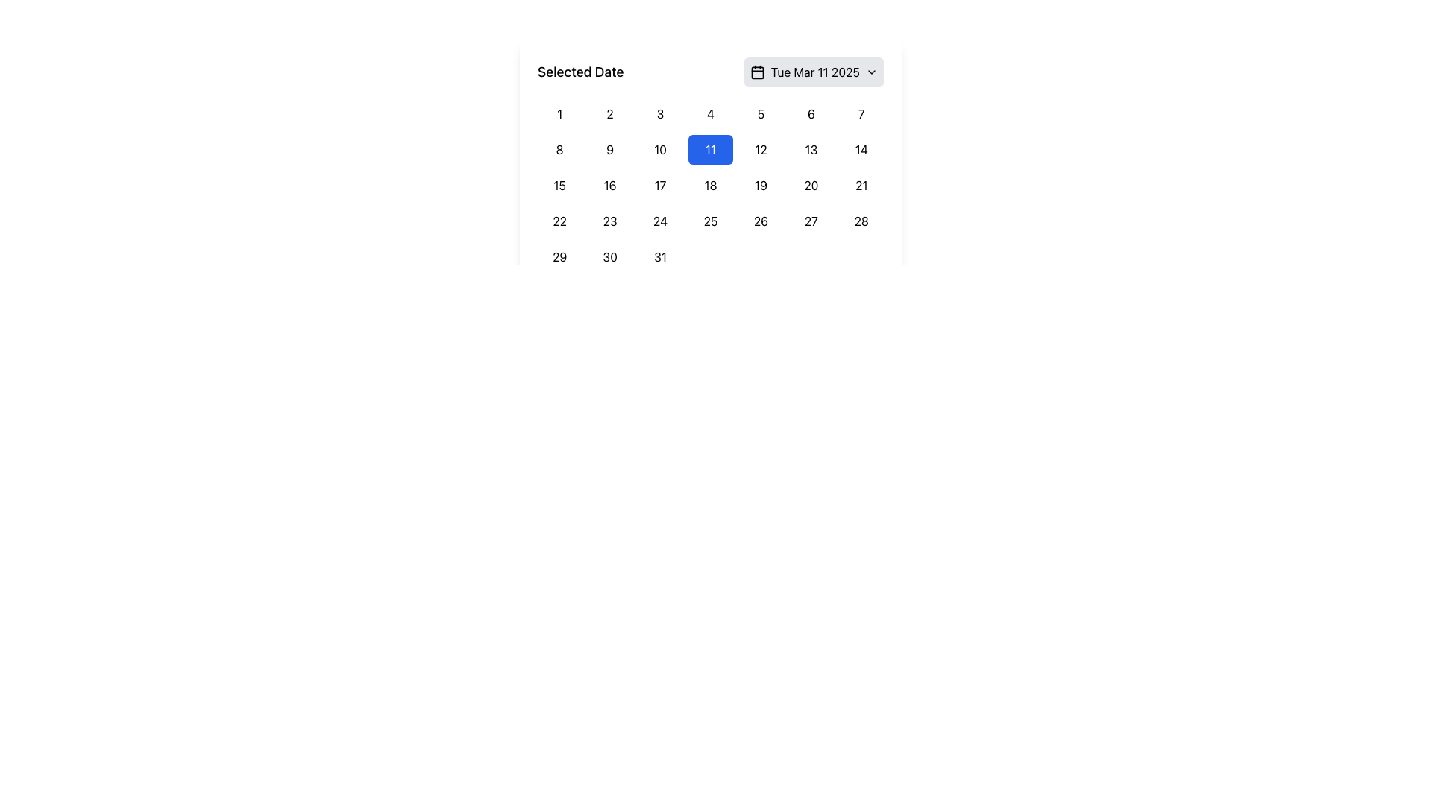  I want to click on the 25th day selection button in the calendar interface, so click(709, 221).